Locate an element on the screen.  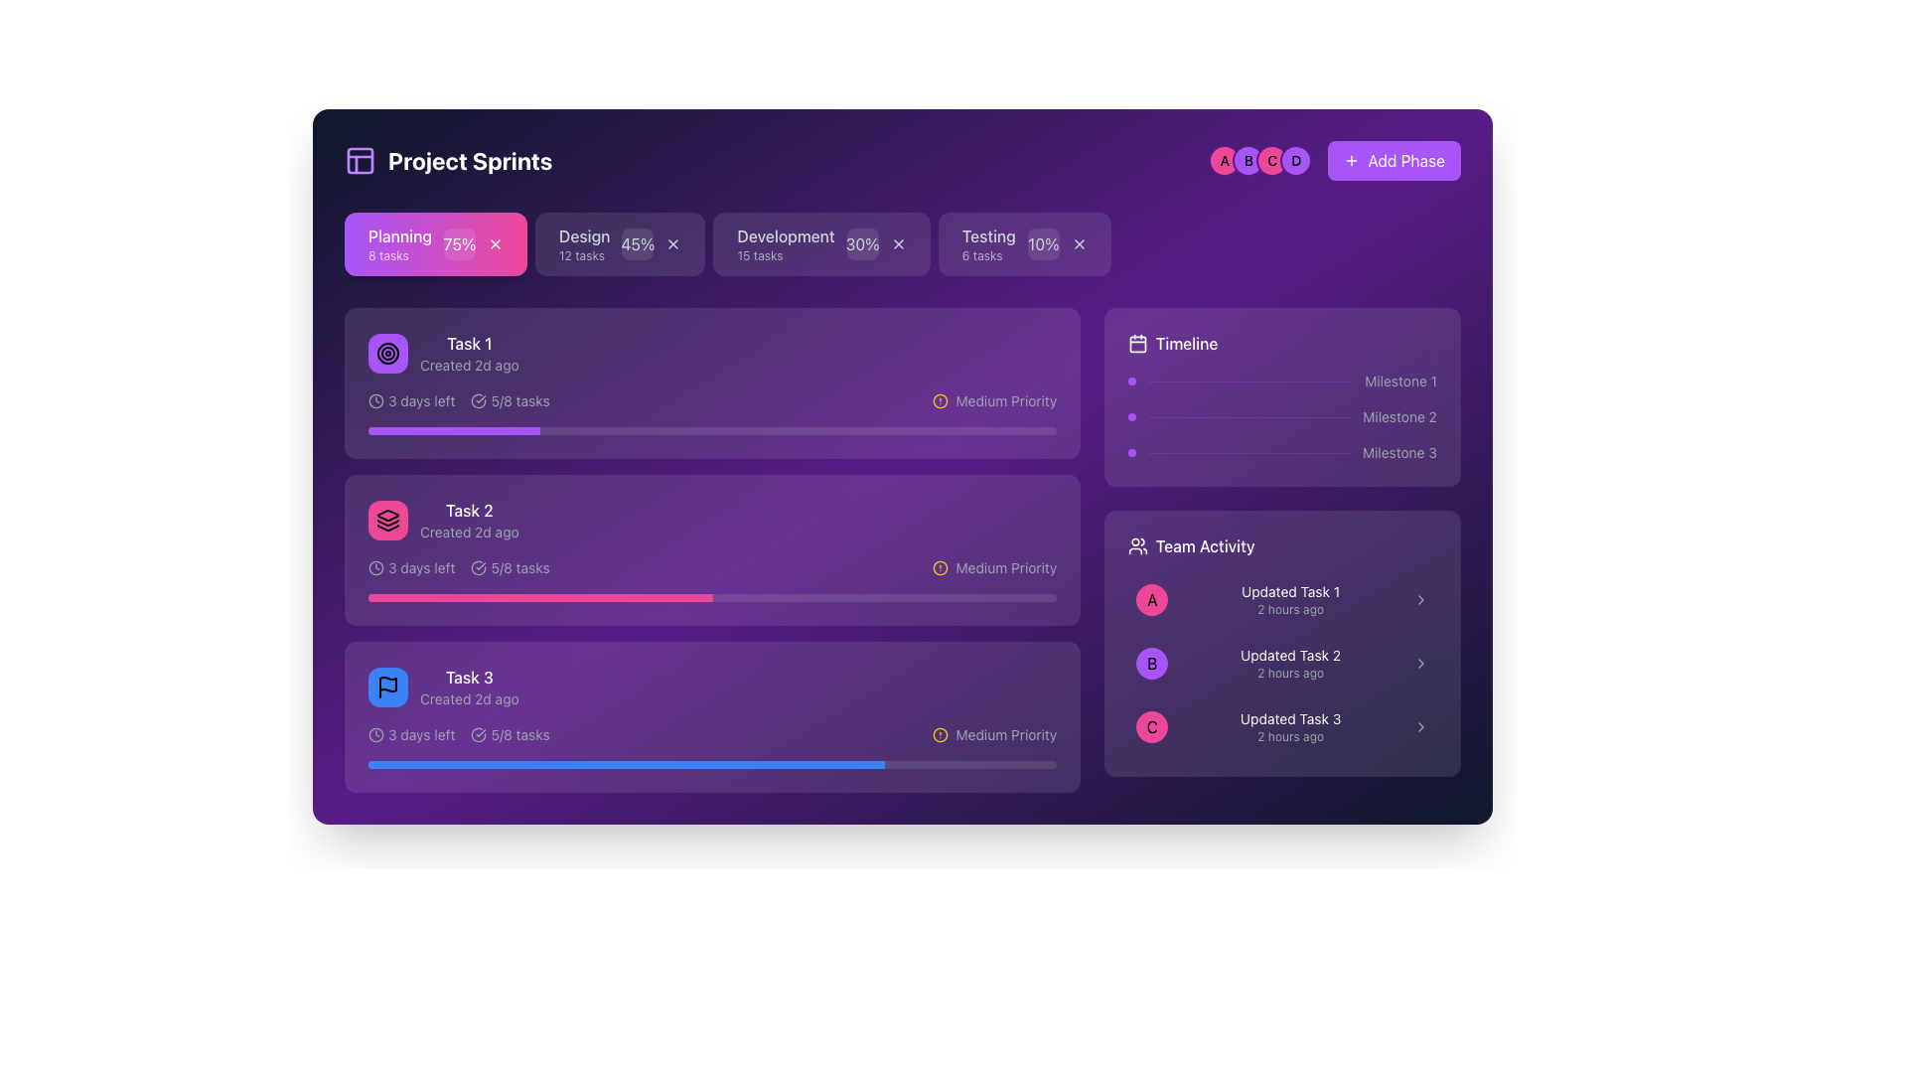
the purple progress bar segment that indicates the filled section of the first task's progress bar is located at coordinates (453, 430).